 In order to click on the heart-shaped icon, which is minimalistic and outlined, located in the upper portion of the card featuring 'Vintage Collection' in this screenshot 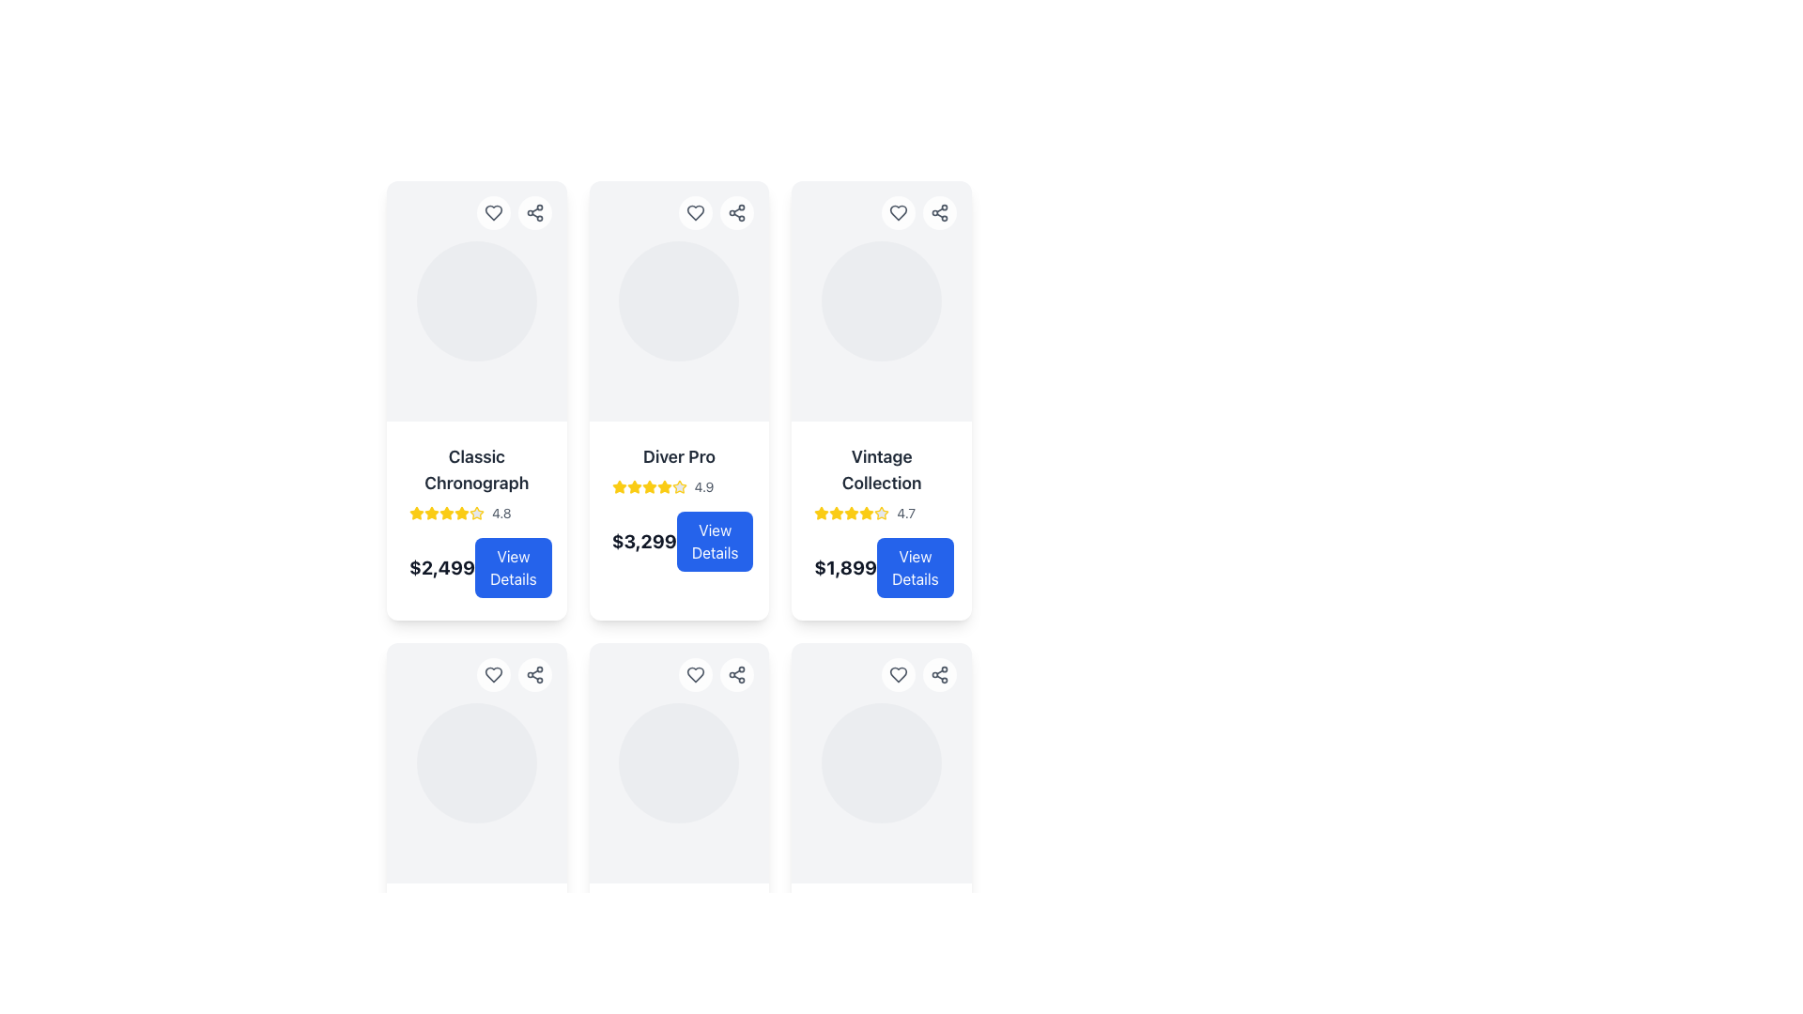, I will do `click(897, 212)`.